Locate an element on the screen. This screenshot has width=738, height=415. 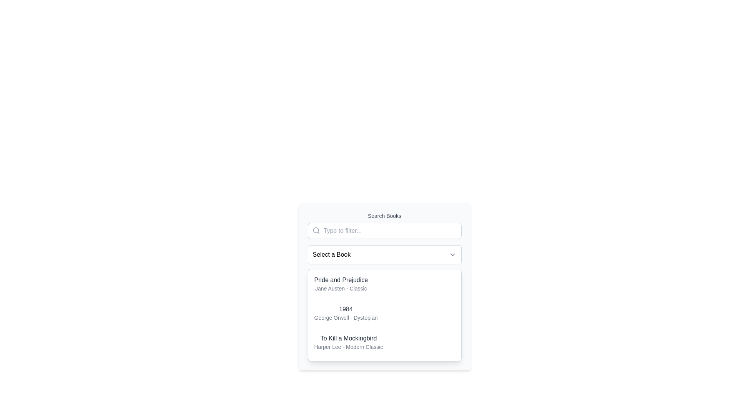
the supporting text element that describes the book title '1984', which is positioned below the title and between 'Pride and Prejudice' and 'To Kill a Mockingbird' is located at coordinates (345, 317).